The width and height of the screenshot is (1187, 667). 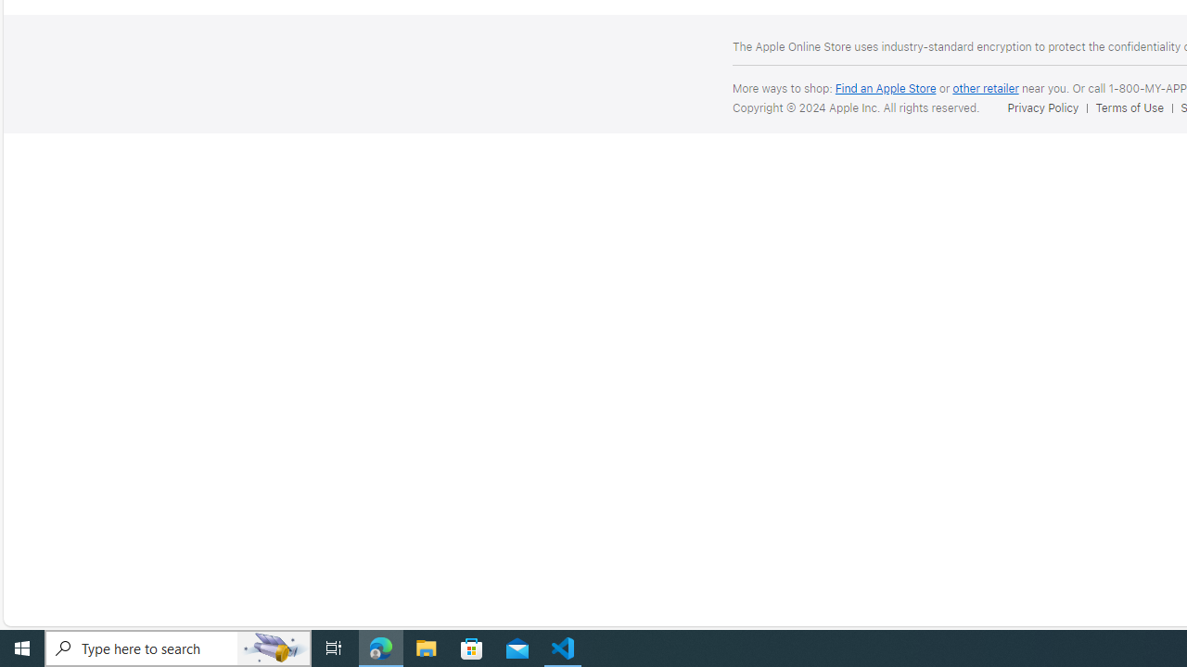 What do you see at coordinates (884, 88) in the screenshot?
I see `'Find an Apple Store'` at bounding box center [884, 88].